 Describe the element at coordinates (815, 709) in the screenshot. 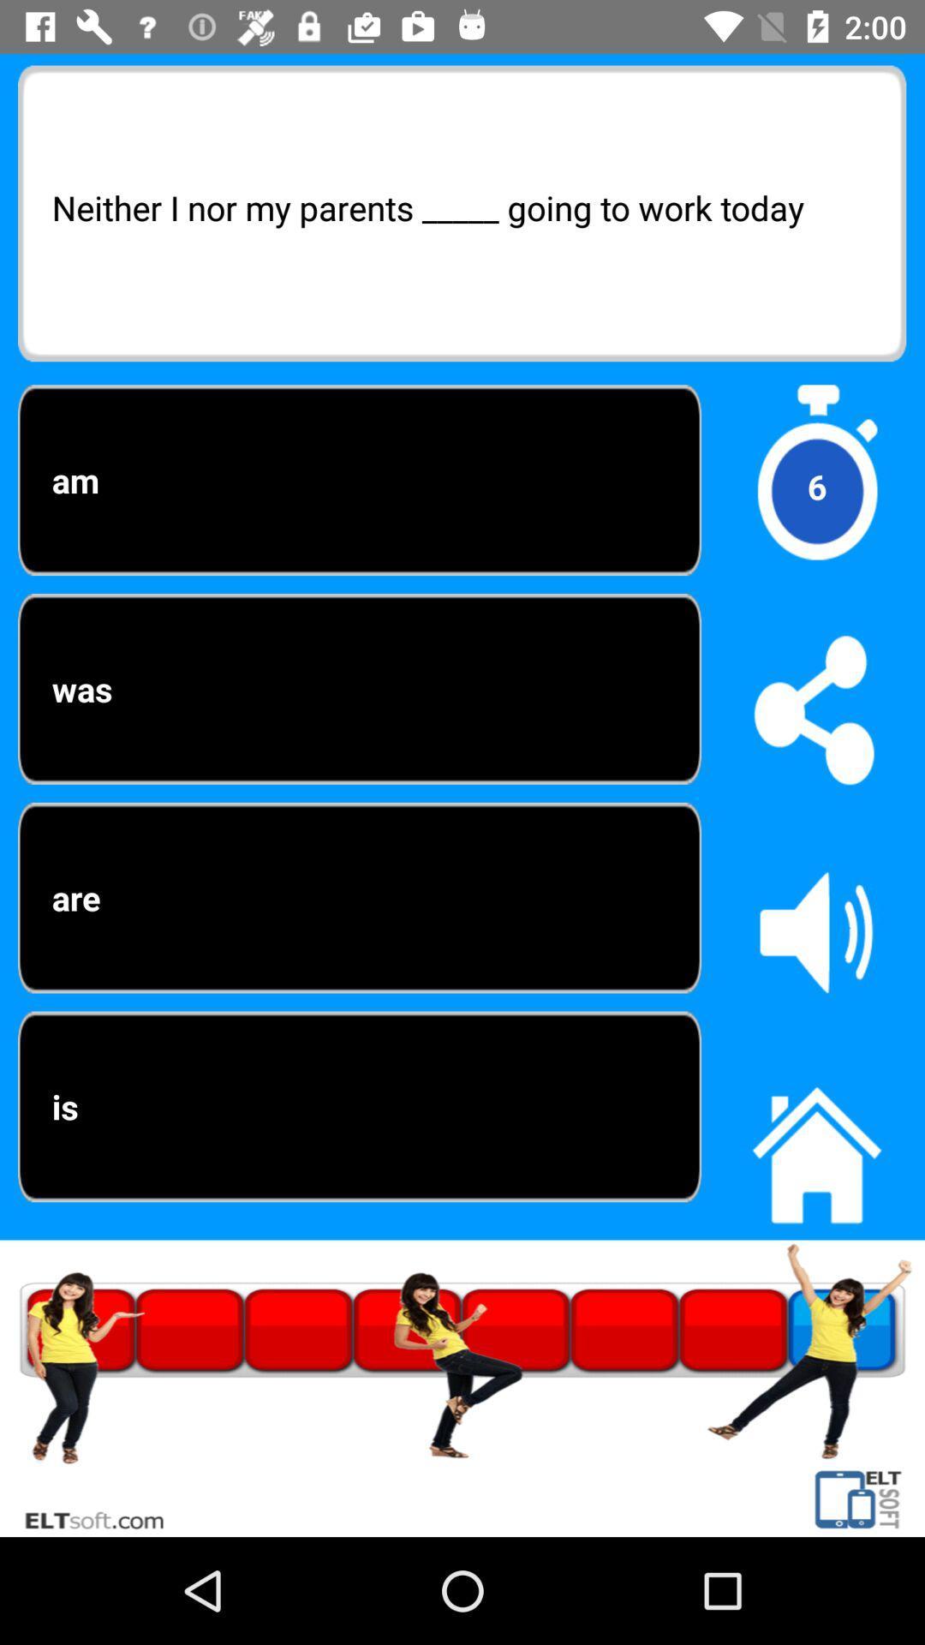

I see `share the activity` at that location.